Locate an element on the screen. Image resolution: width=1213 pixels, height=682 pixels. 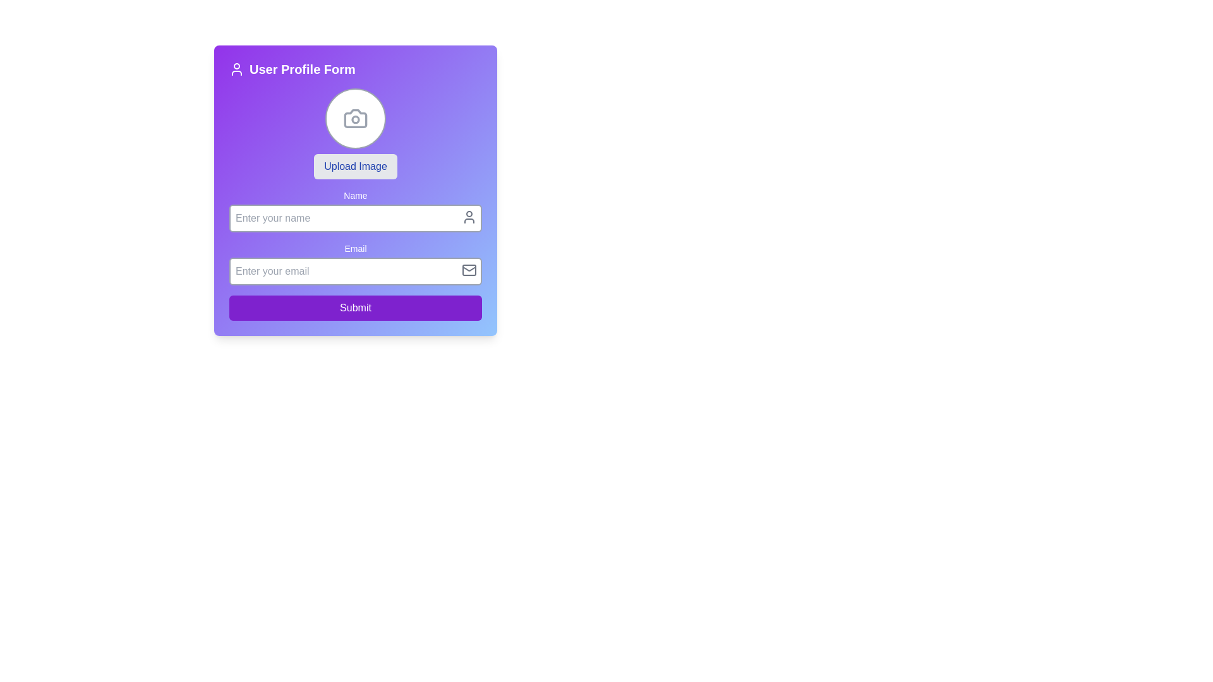
the 'Name' text input field to focus on it for user input is located at coordinates (354, 210).